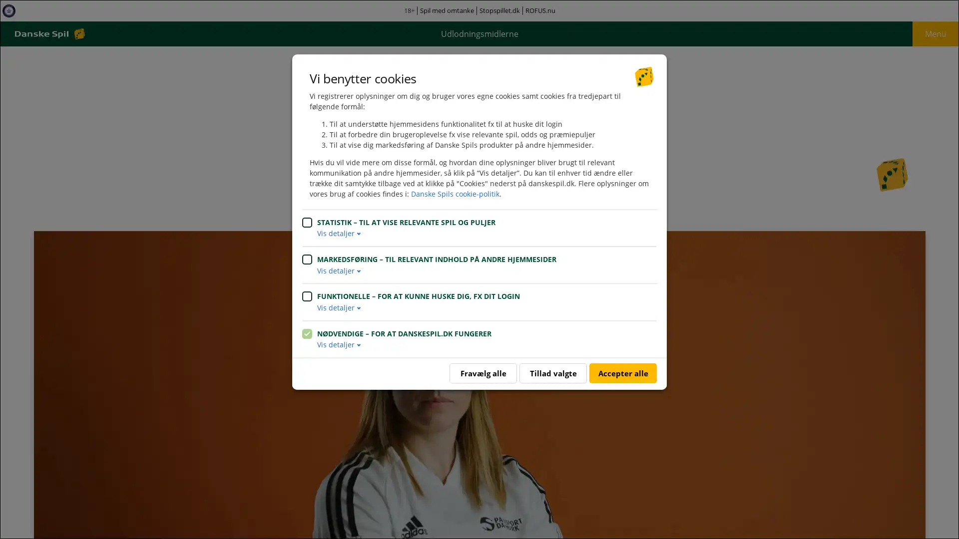  I want to click on Fravlg alle, so click(483, 373).